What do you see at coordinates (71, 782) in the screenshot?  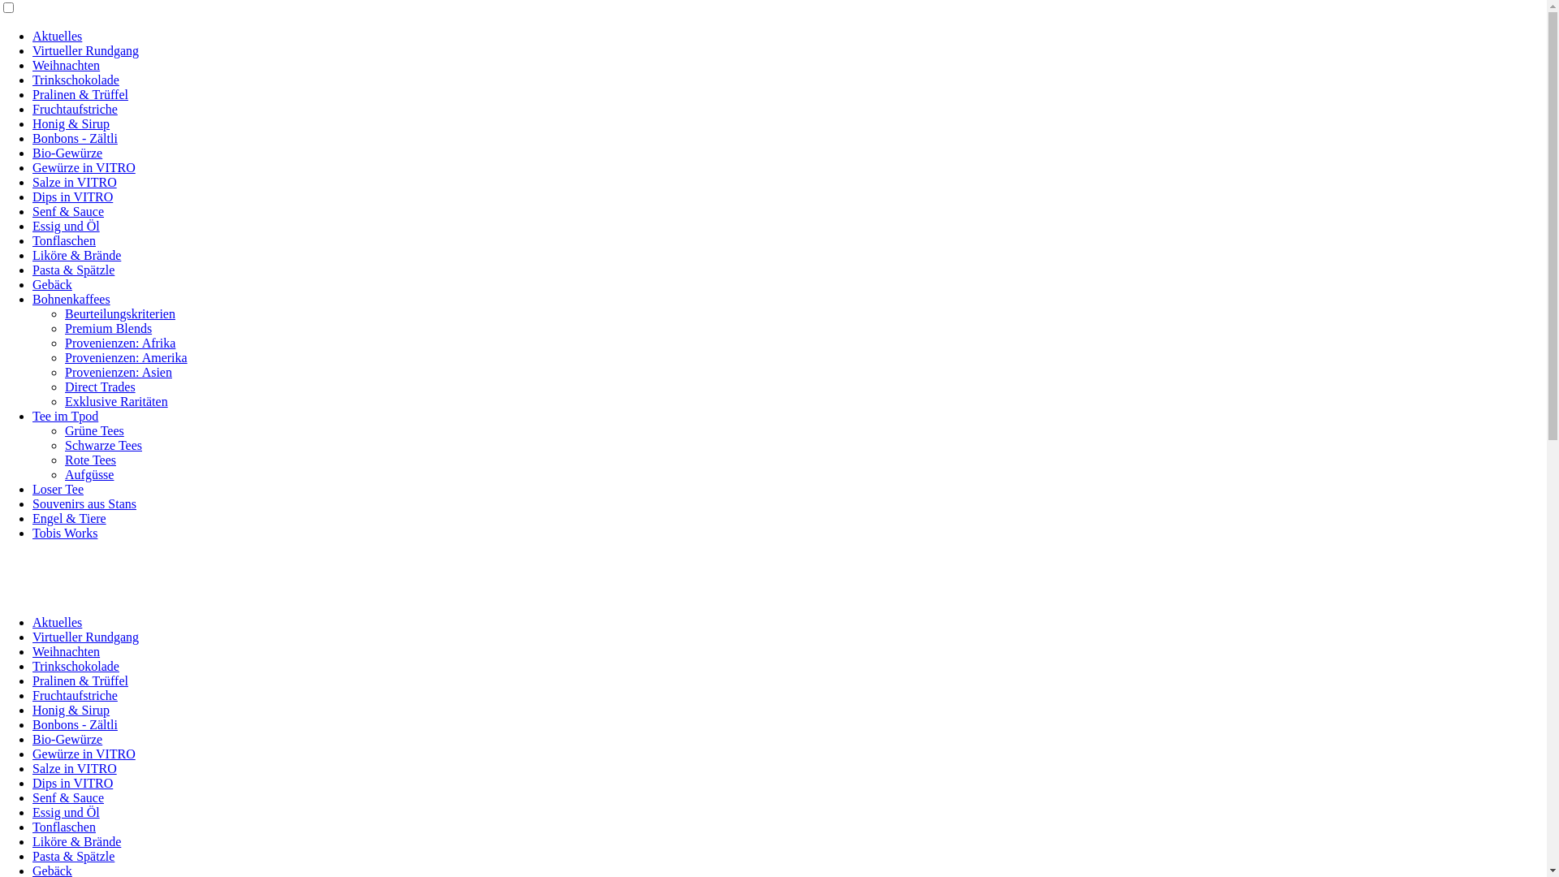 I see `'Dips in VITRO'` at bounding box center [71, 782].